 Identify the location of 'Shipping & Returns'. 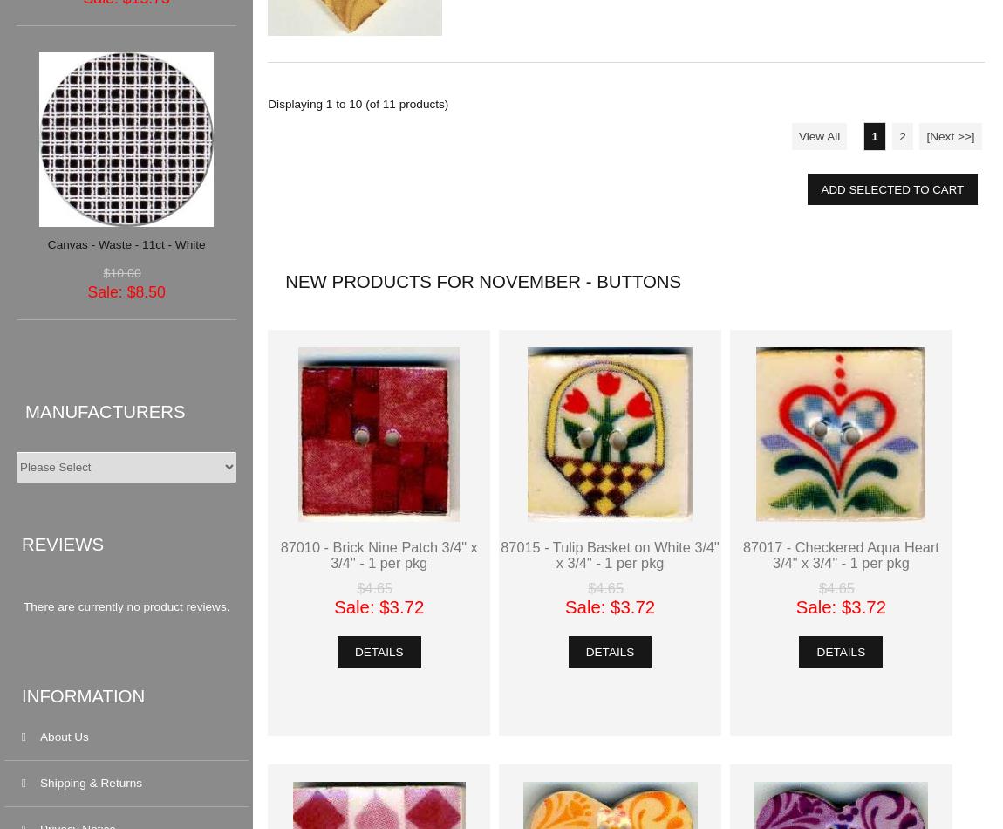
(90, 782).